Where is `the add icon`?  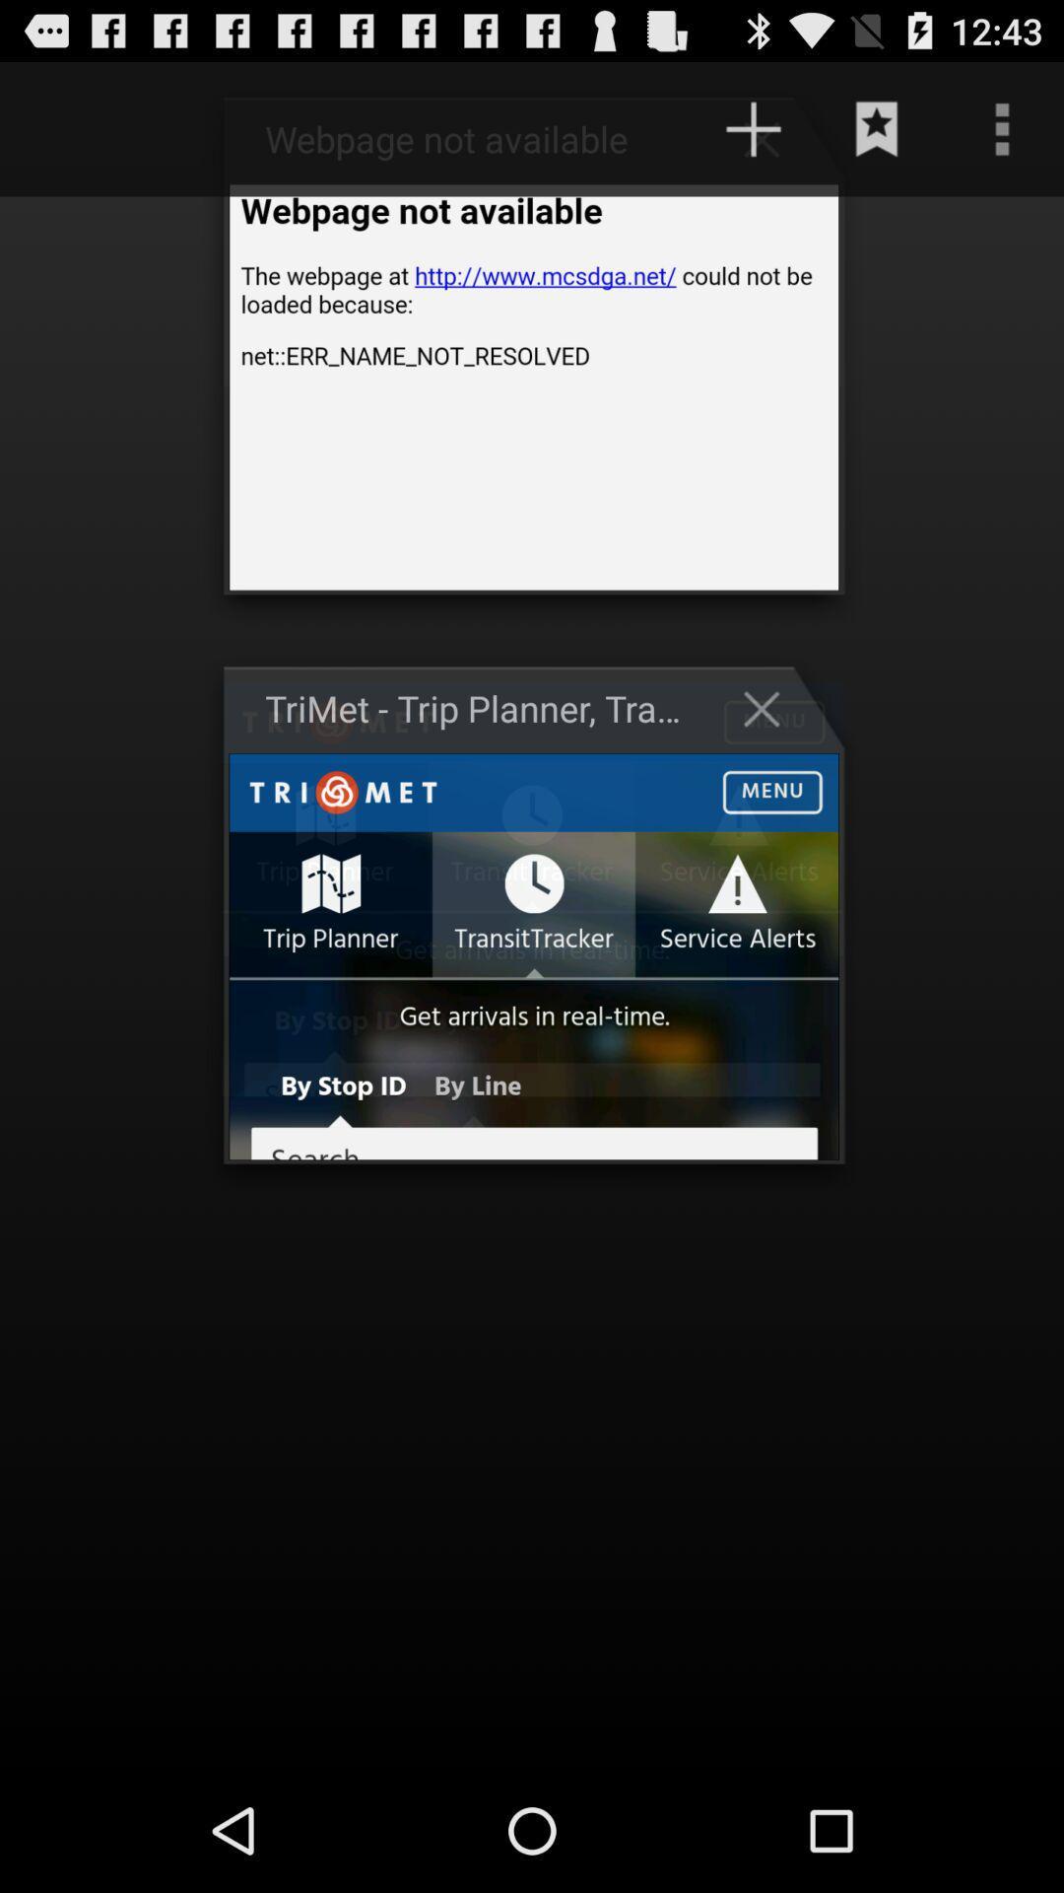
the add icon is located at coordinates (753, 137).